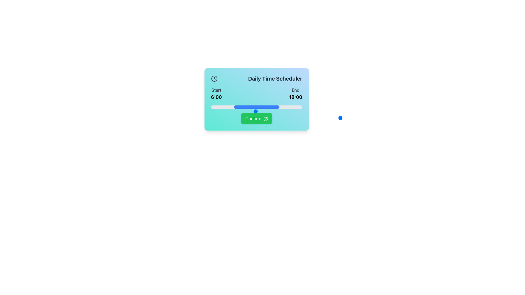 This screenshot has height=295, width=525. I want to click on the slider, so click(292, 107).